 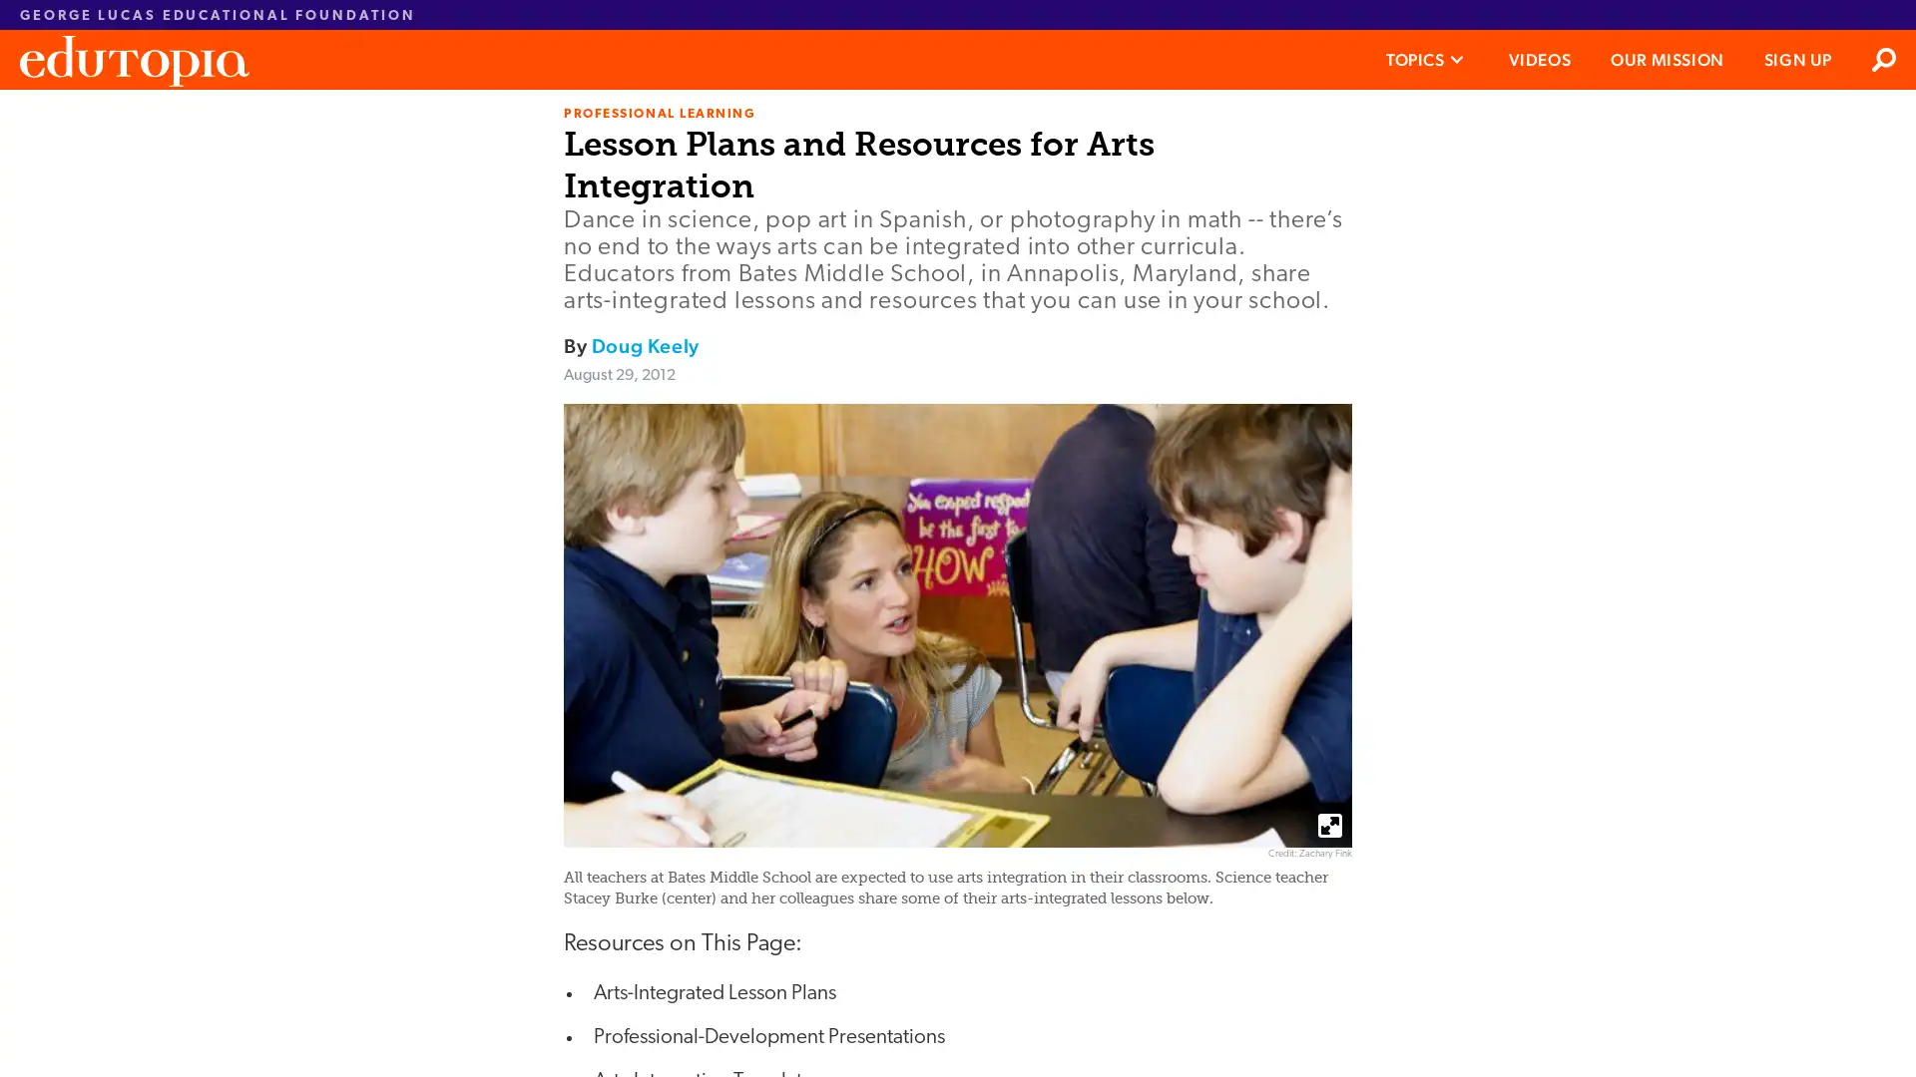 I want to click on Close, so click(x=1225, y=119).